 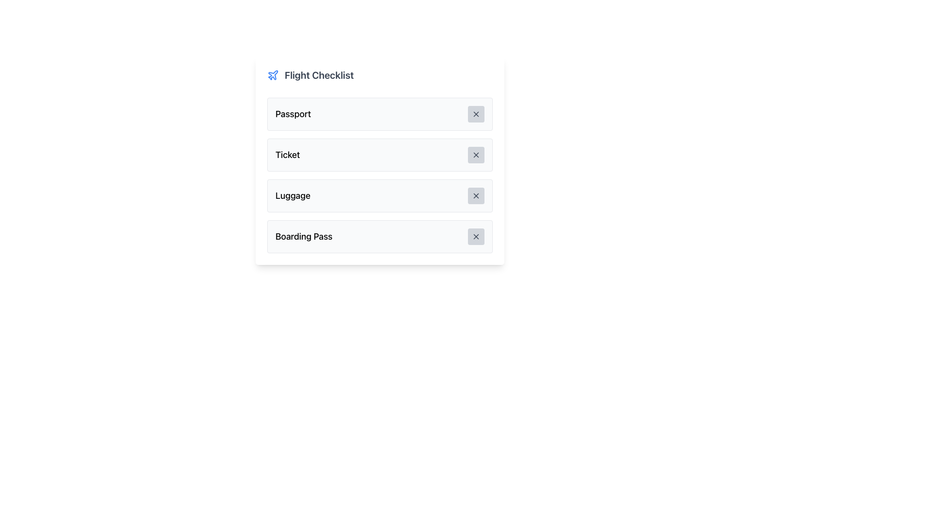 I want to click on the interactive button with a gray background and an 'X' icon located on the right side of the 'Ticket' box, so click(x=476, y=155).